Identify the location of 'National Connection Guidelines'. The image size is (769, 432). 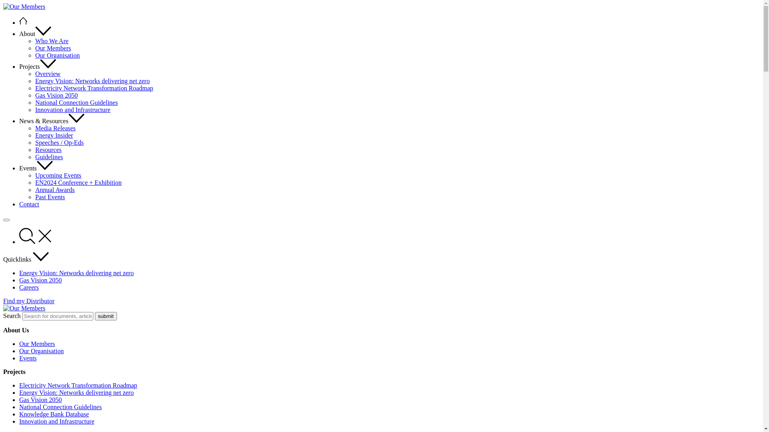
(60, 407).